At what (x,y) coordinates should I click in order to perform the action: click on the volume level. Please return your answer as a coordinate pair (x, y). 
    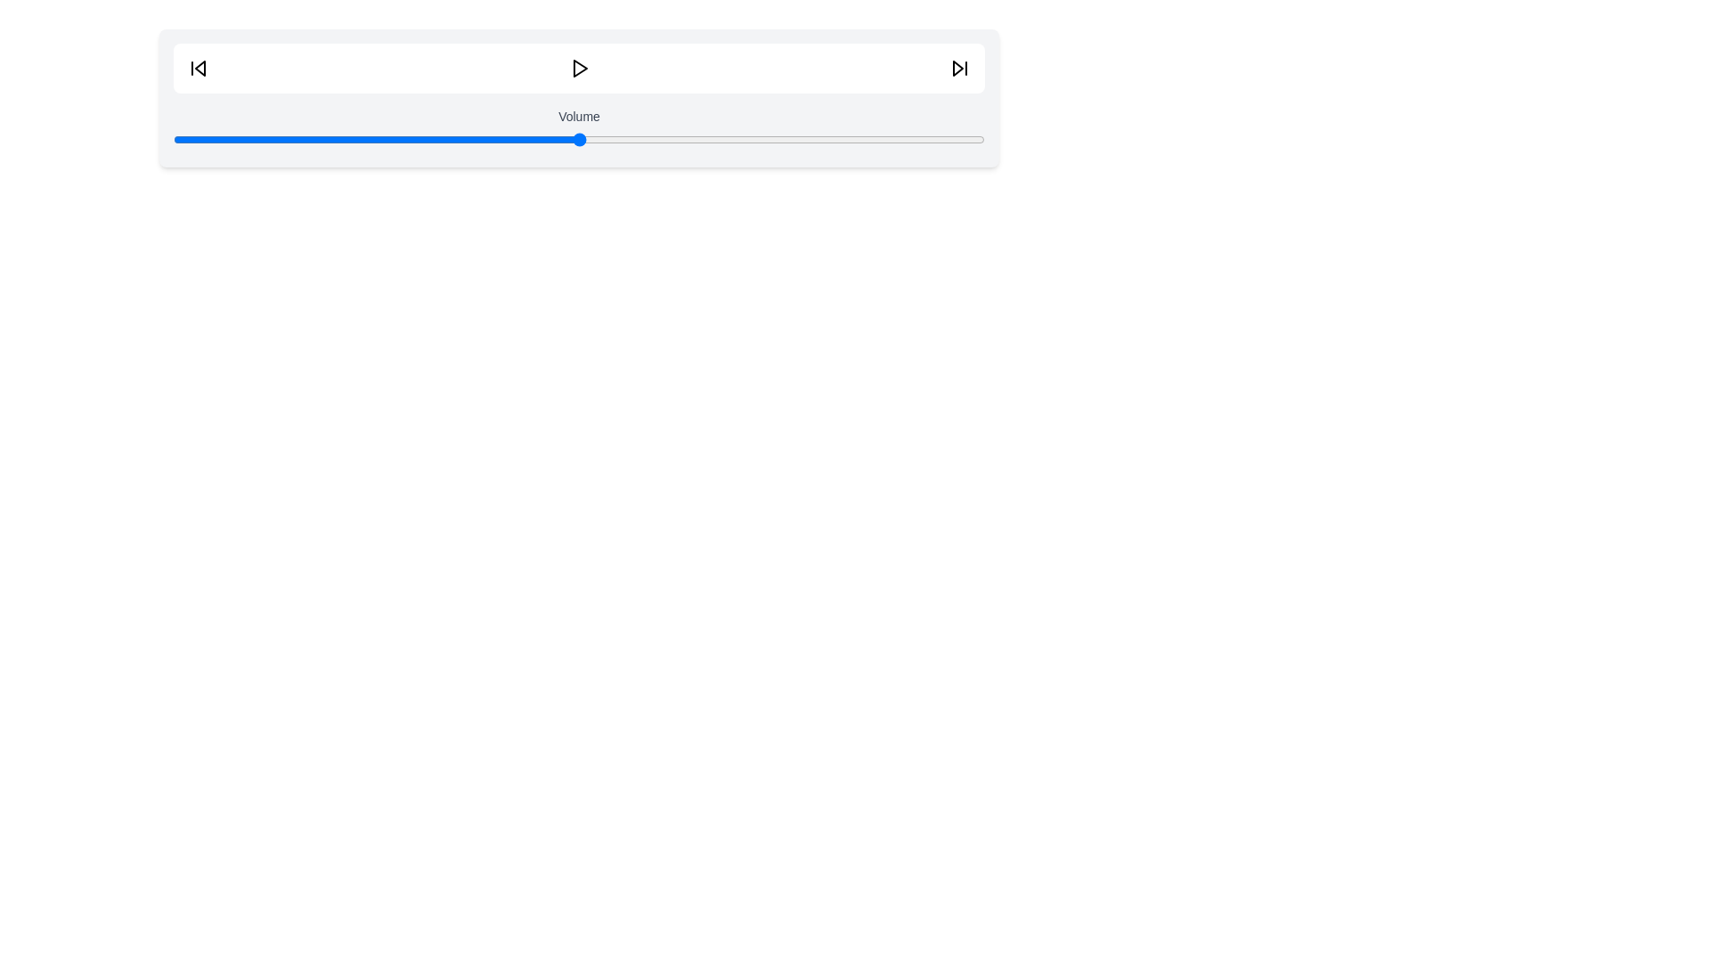
    Looking at the image, I should click on (651, 139).